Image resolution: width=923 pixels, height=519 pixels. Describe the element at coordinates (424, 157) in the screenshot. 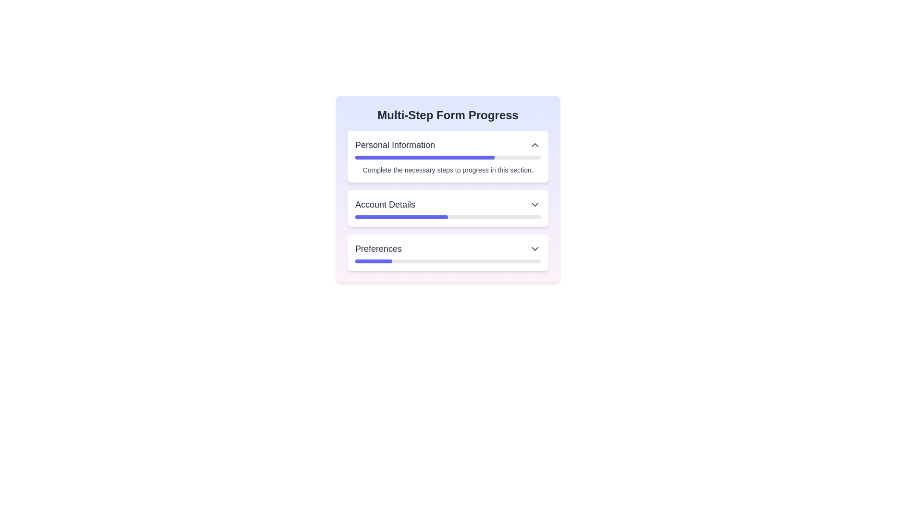

I see `the filled segment of the progress bar indicating 75% completion for the 'Personal Information' step in the 'Multi-Step Form Progress' interface` at that location.